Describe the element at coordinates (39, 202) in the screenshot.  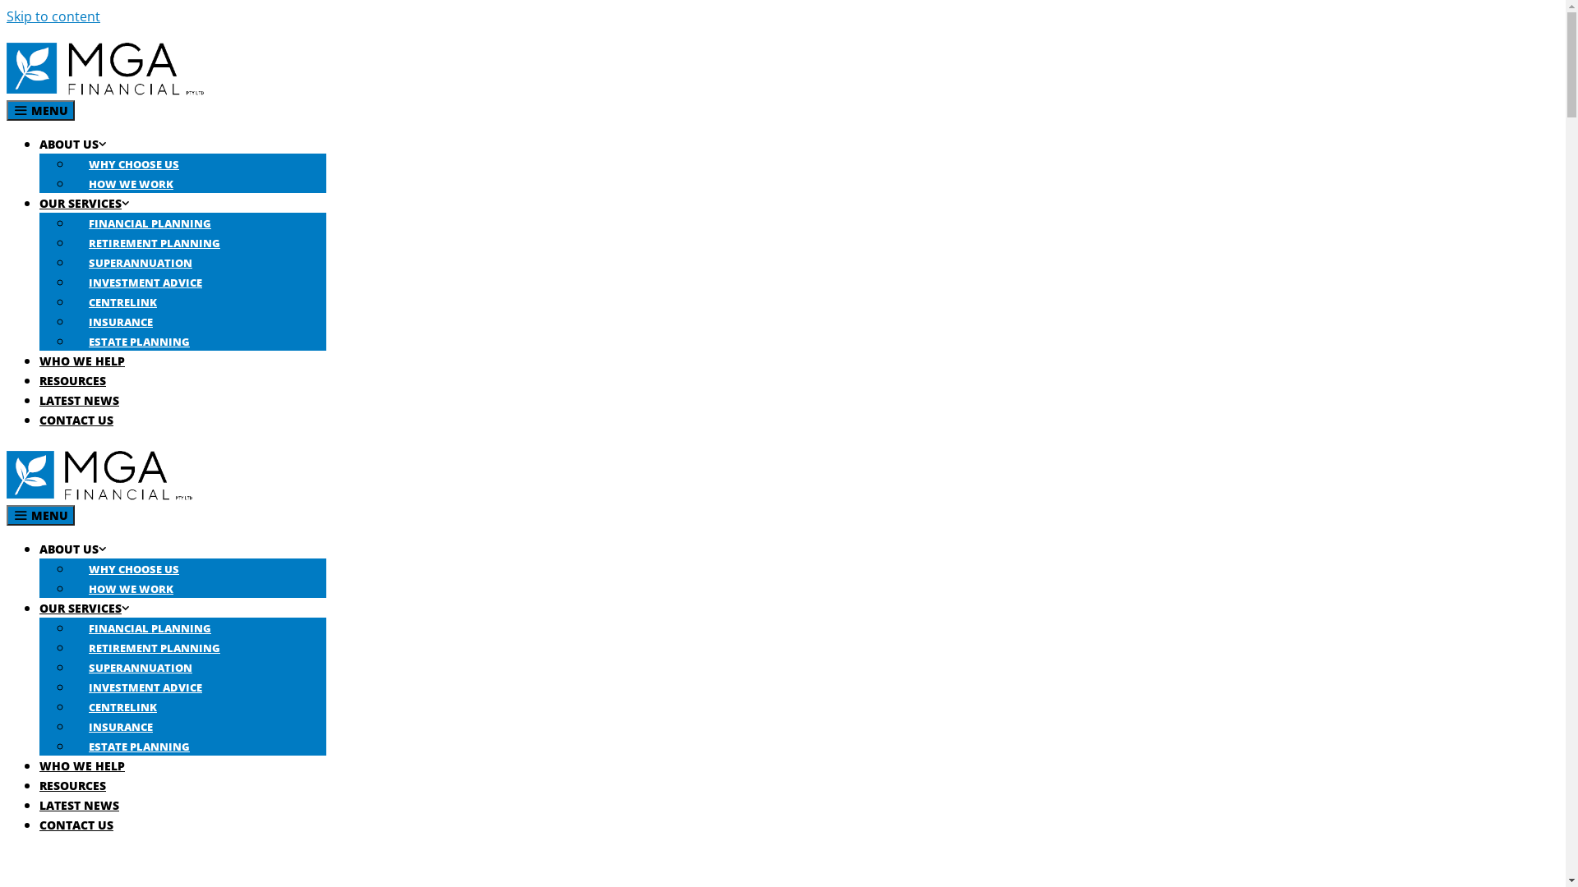
I see `'OUR SERVICES'` at that location.